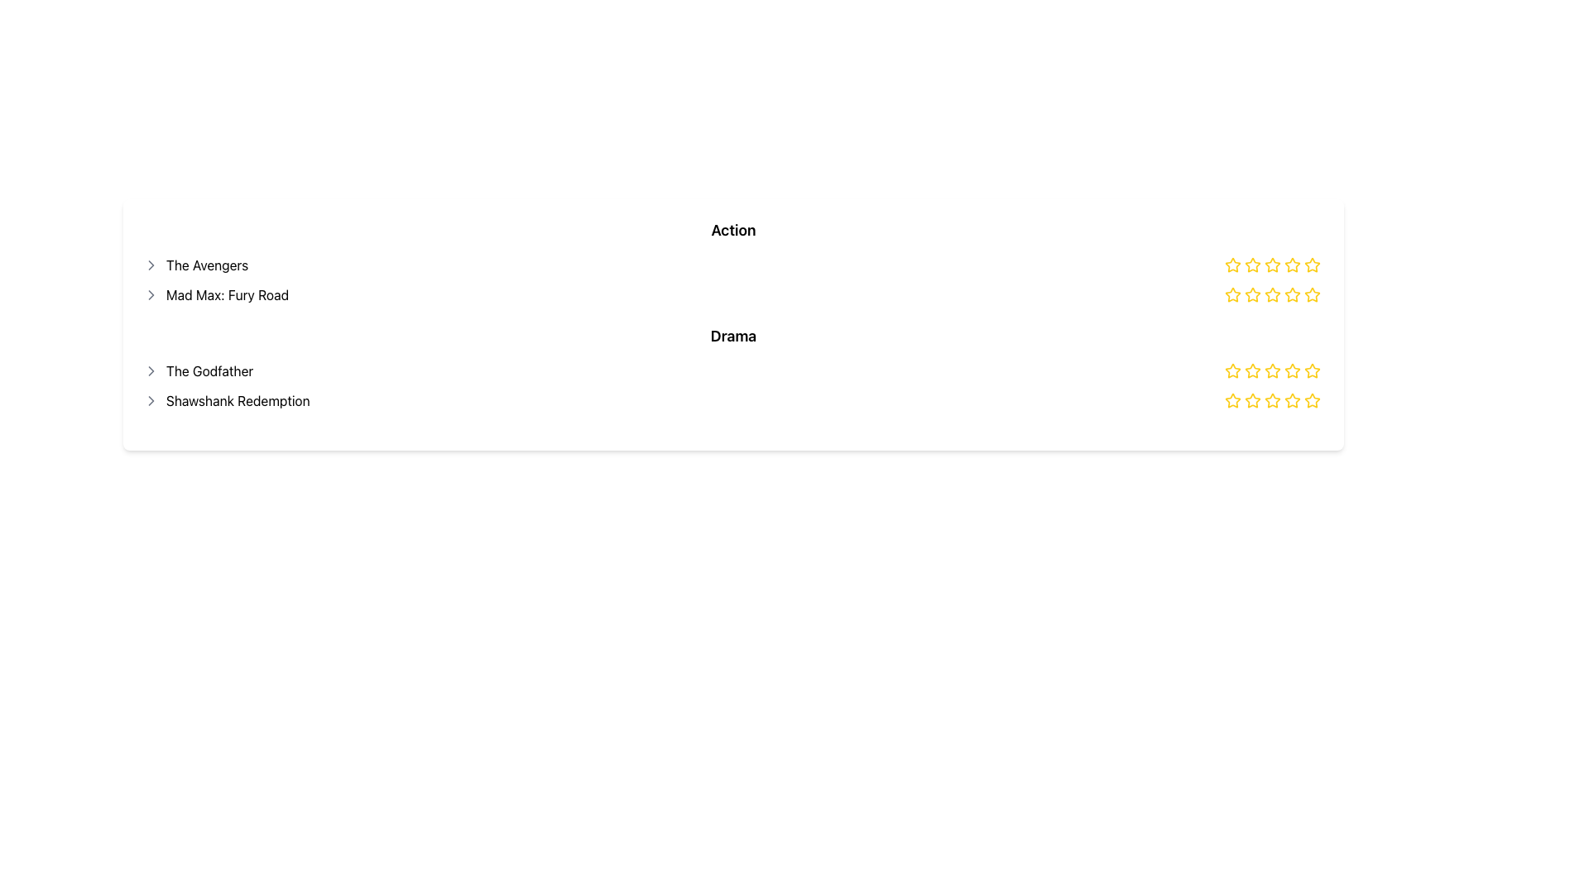  What do you see at coordinates (1232, 264) in the screenshot?
I see `the first yellow star icon in the rating mechanism` at bounding box center [1232, 264].